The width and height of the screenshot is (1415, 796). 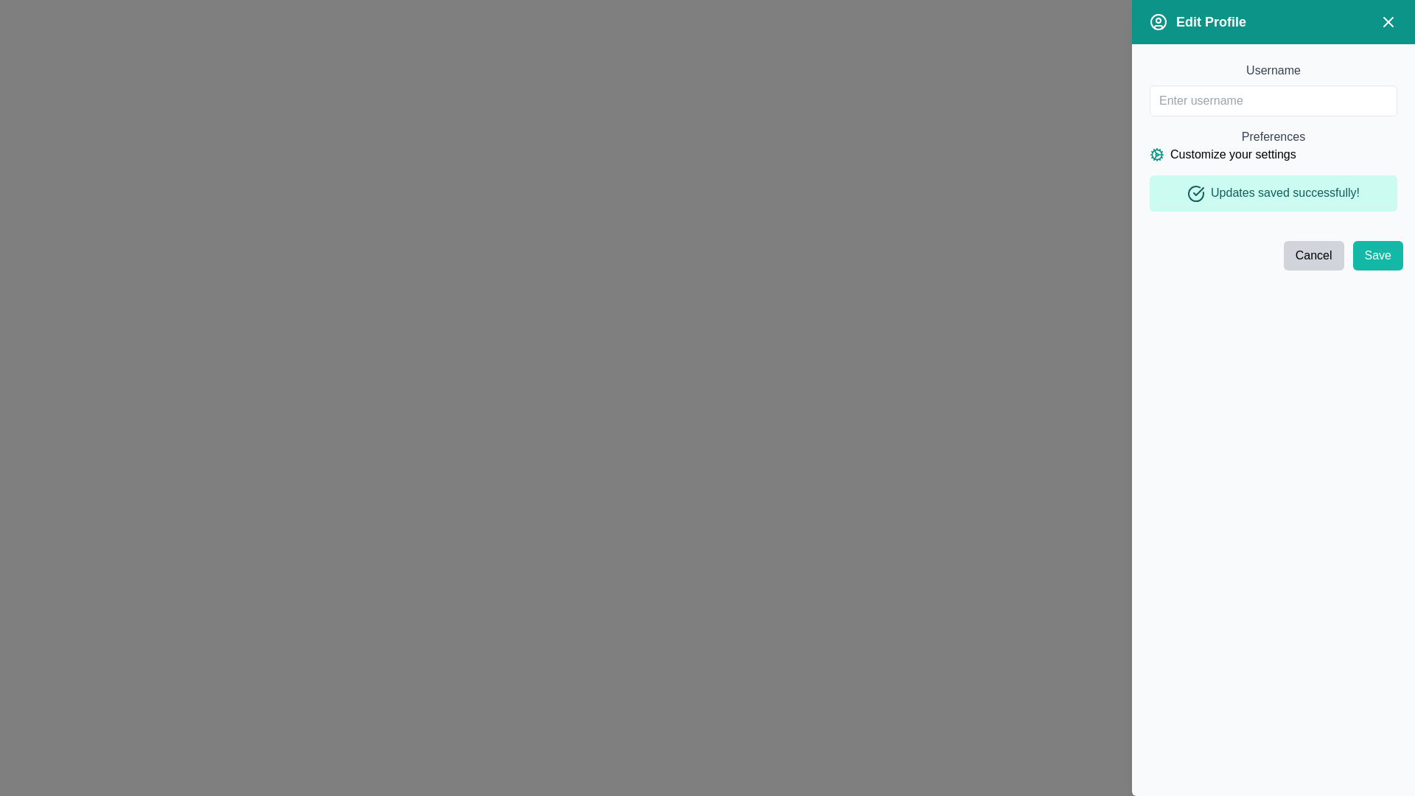 I want to click on the teal checkmark icon within the success notification that indicates 'Updates saved successfully!', so click(x=1195, y=192).